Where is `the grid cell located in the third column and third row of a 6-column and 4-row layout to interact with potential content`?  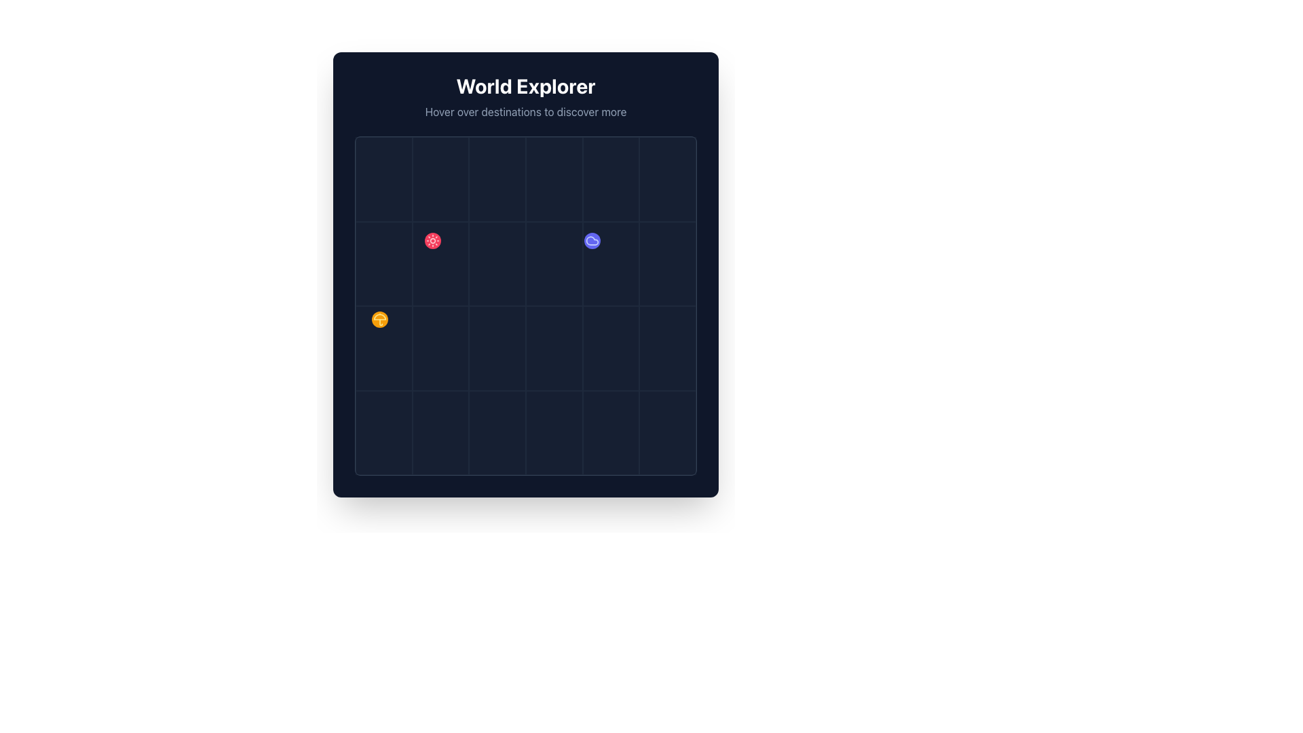
the grid cell located in the third column and third row of a 6-column and 4-row layout to interact with potential content is located at coordinates (554, 347).